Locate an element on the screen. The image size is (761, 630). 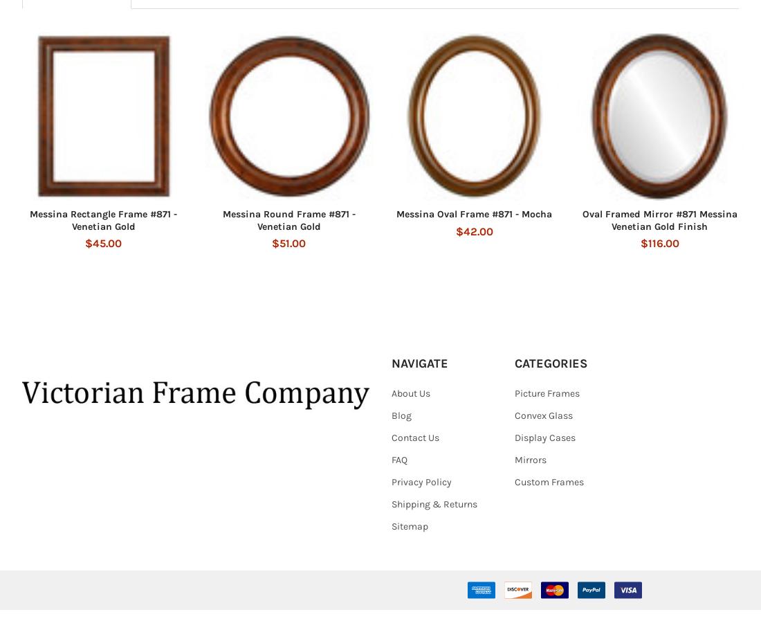
'Blog' is located at coordinates (390, 435).